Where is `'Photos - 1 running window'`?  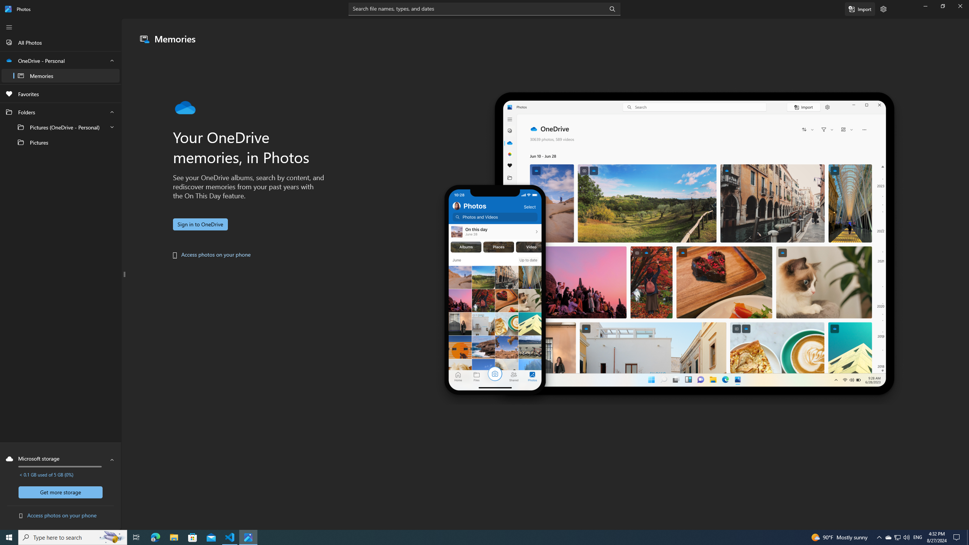 'Photos - 1 running window' is located at coordinates (248, 537).